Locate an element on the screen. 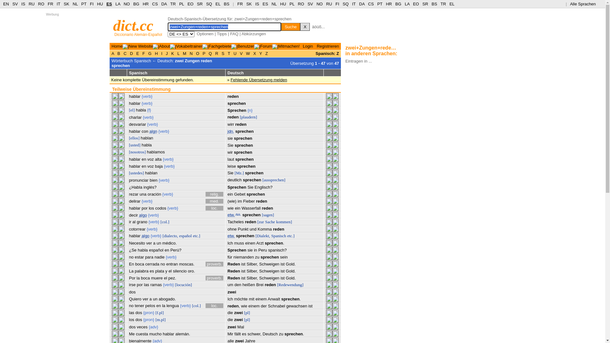 The image size is (610, 343). 'Spanisch: Z' is located at coordinates (327, 53).